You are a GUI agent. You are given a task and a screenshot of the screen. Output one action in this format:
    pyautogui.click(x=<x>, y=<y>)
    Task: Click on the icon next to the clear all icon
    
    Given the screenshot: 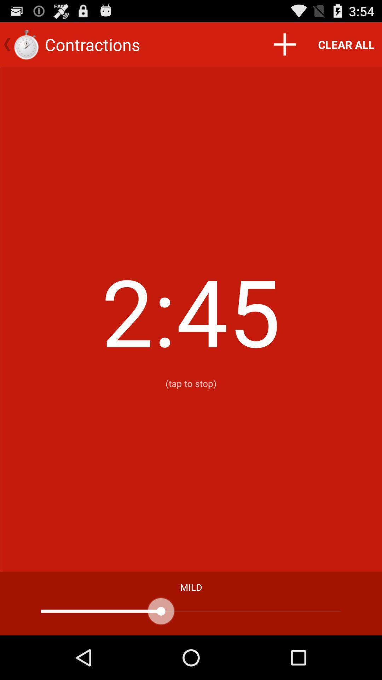 What is the action you would take?
    pyautogui.click(x=284, y=44)
    